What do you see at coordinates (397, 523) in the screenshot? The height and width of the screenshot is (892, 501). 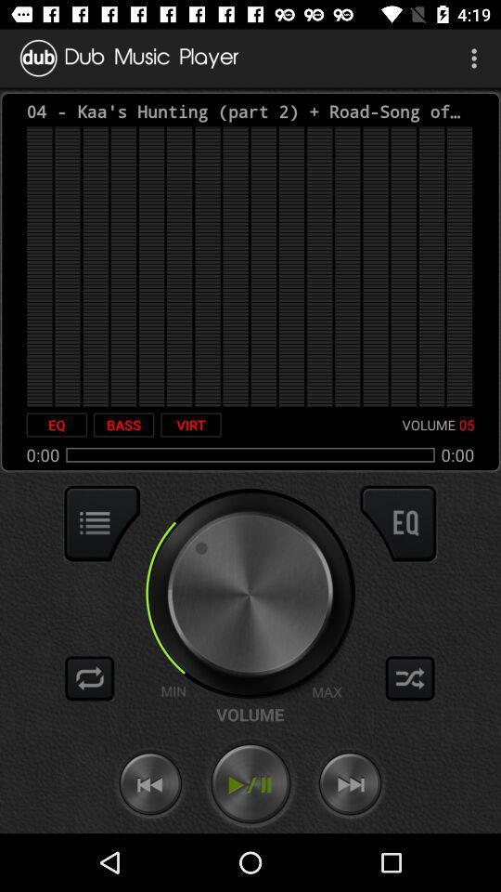 I see `push for equalizer` at bounding box center [397, 523].